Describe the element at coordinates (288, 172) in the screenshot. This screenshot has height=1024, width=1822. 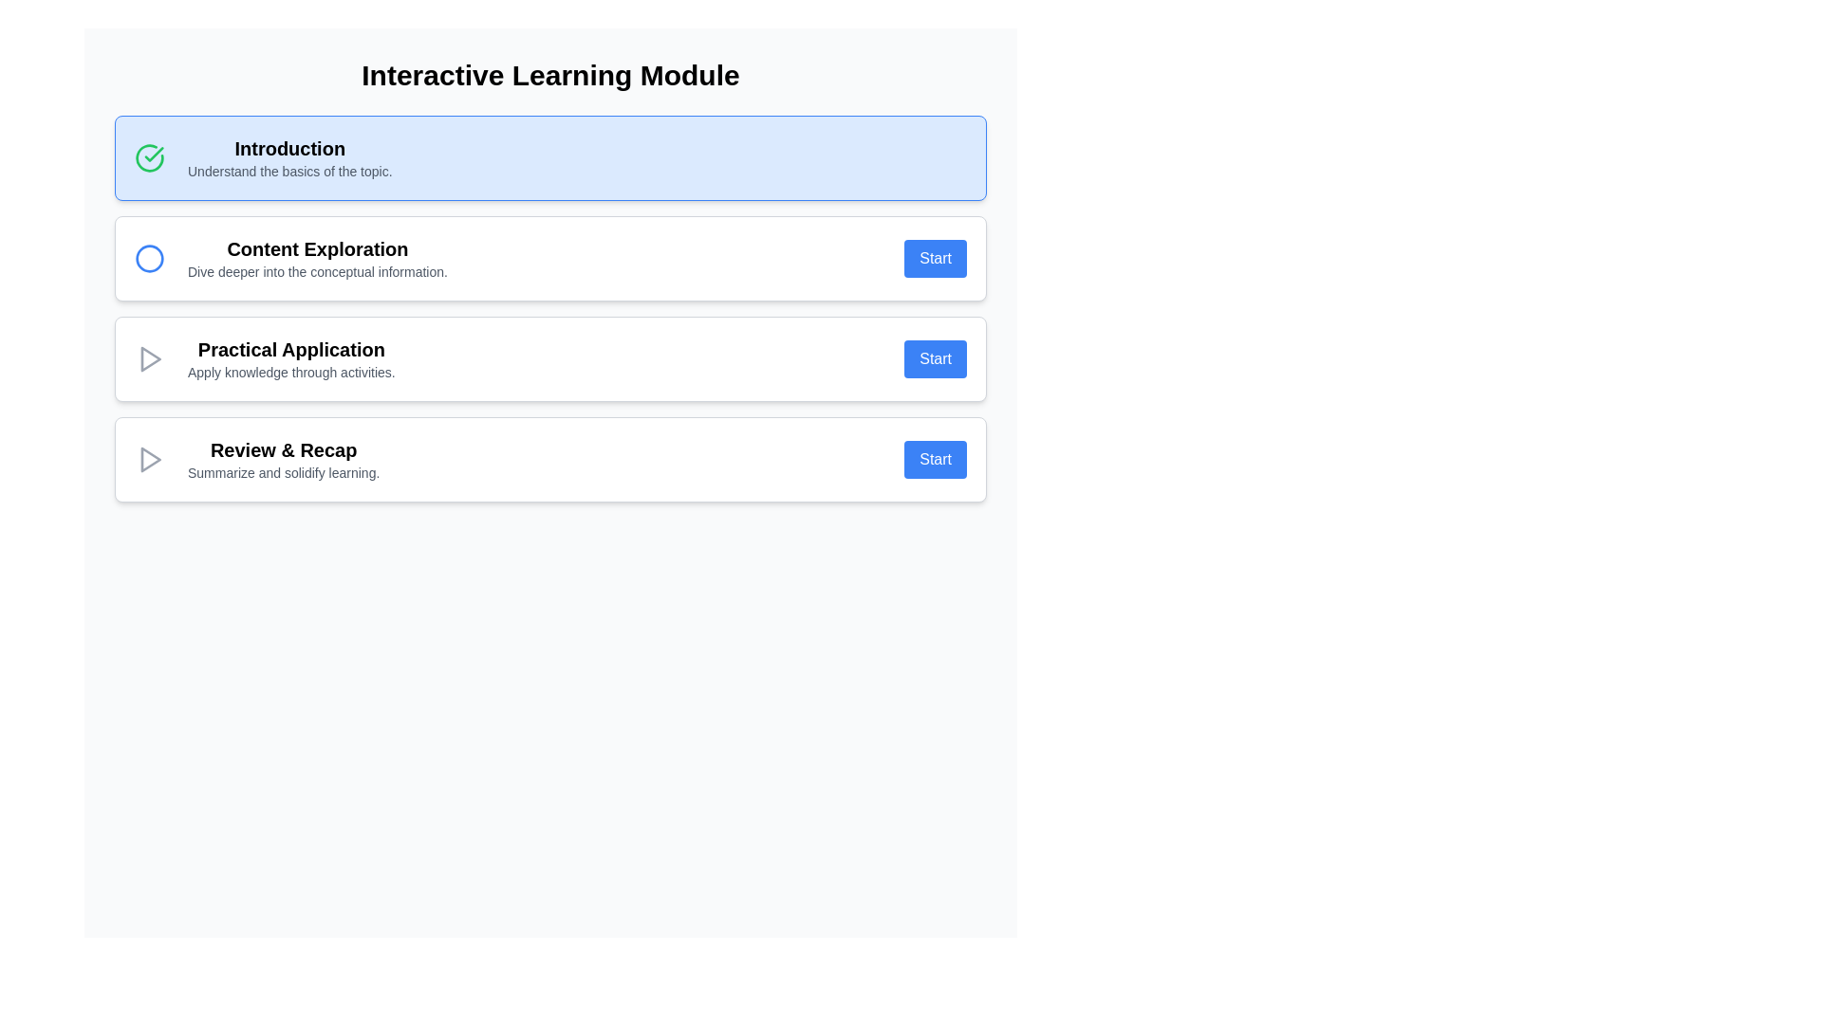
I see `the label component that provides a brief description or summary beneath the 'Introduction' title in the interactive learning module interface` at that location.